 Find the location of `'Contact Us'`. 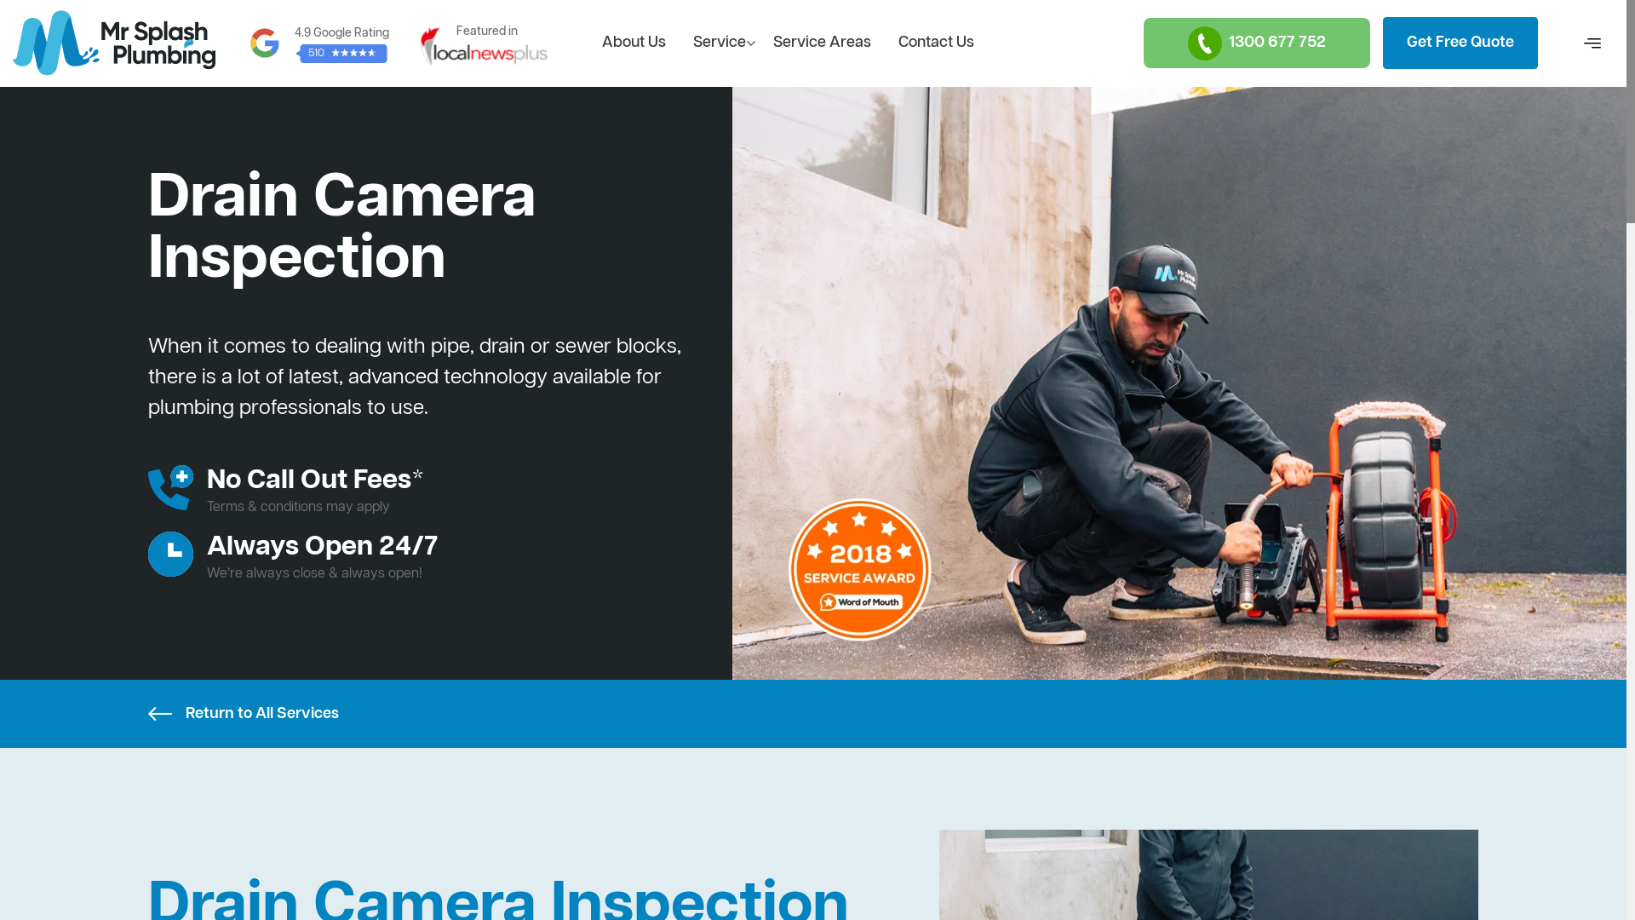

'Contact Us' is located at coordinates (935, 42).